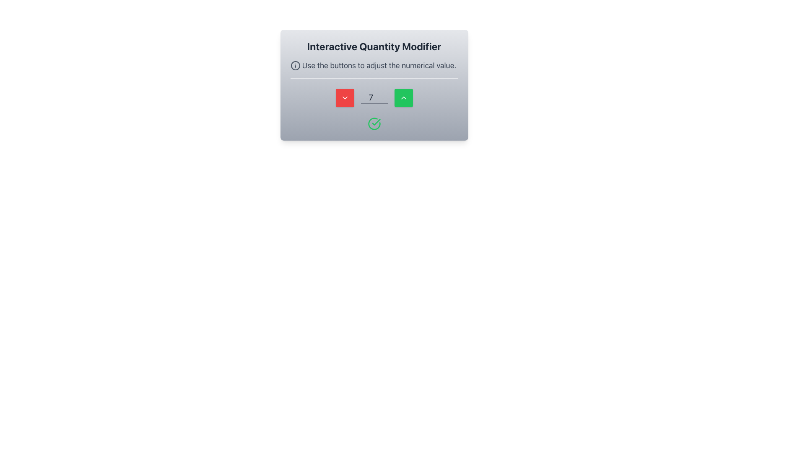  I want to click on the green button with white text and upward-pointing chevron, so click(403, 98).